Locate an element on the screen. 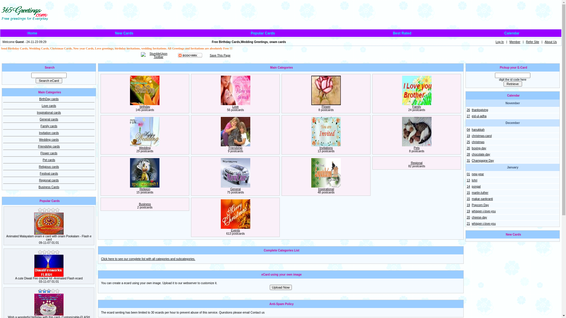  'pongal' is located at coordinates (476, 186).